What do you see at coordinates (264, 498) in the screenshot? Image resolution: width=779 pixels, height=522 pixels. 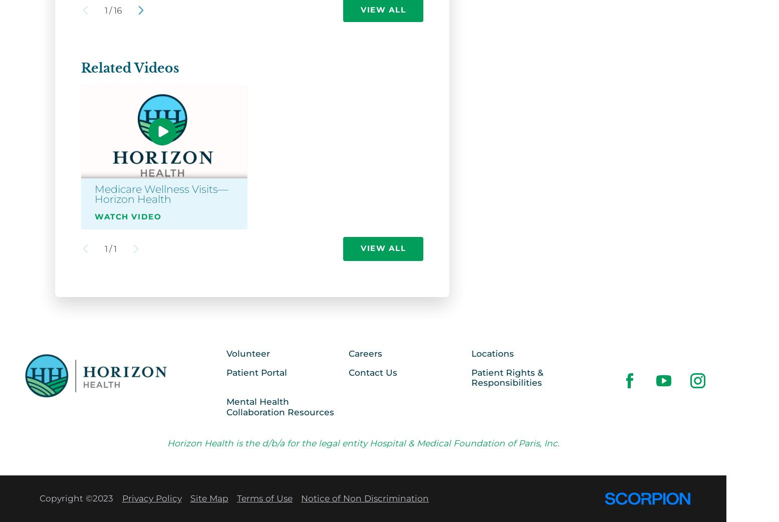 I see `'Terms of Use'` at bounding box center [264, 498].